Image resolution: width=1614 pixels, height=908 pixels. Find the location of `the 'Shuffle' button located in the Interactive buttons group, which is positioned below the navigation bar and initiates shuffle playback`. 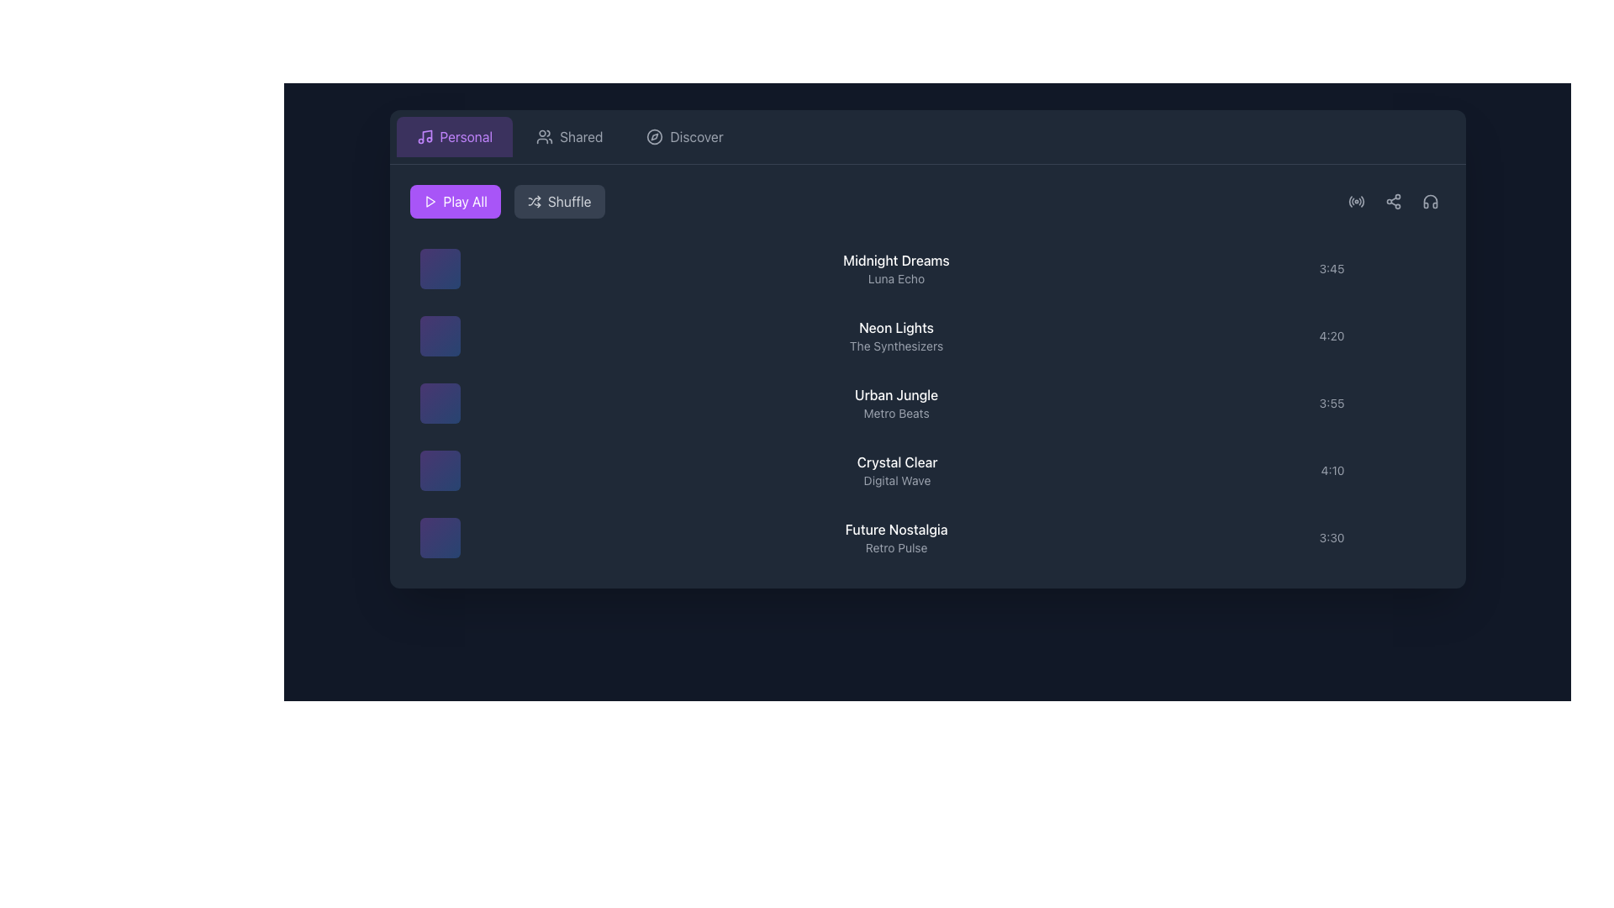

the 'Shuffle' button located in the Interactive buttons group, which is positioned below the navigation bar and initiates shuffle playback is located at coordinates (506, 200).